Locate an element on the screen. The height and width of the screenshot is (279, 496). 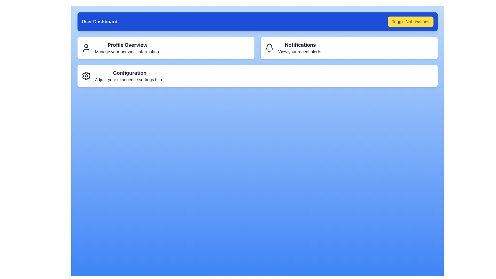
the intricate gear or settings icon located in the 'Configuration' section to the left of the text 'Adjust your experience settings here.' is located at coordinates (86, 76).